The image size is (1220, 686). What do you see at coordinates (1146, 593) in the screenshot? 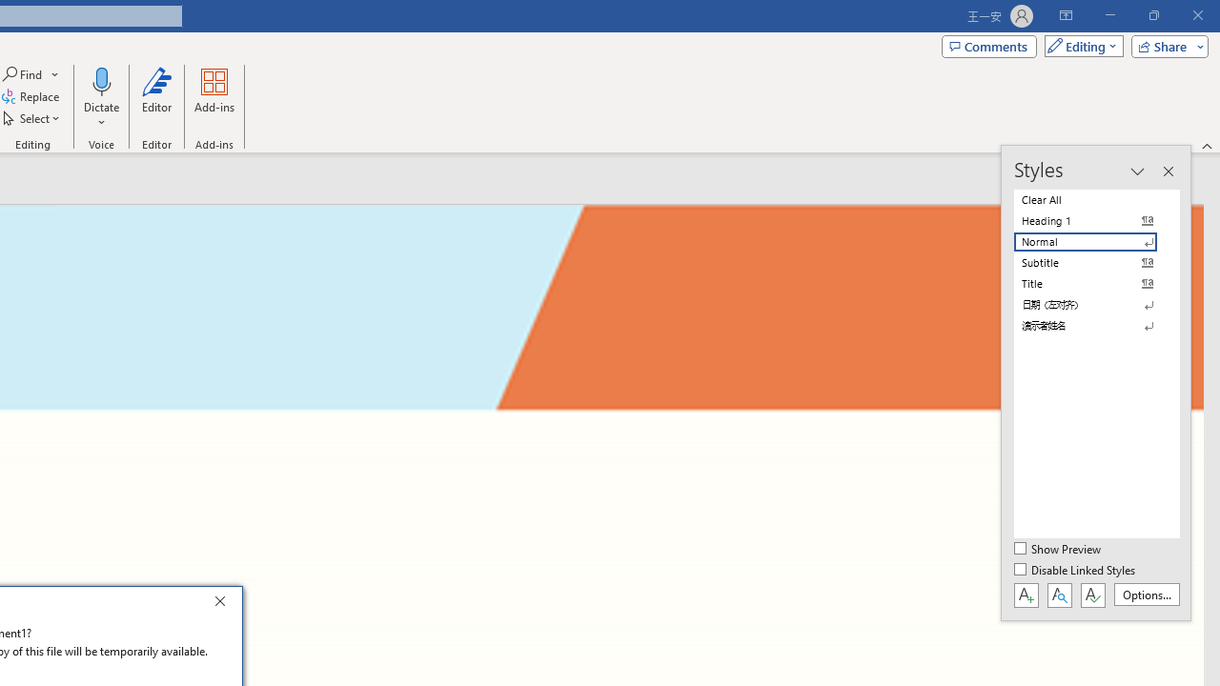
I see `'Options...'` at bounding box center [1146, 593].